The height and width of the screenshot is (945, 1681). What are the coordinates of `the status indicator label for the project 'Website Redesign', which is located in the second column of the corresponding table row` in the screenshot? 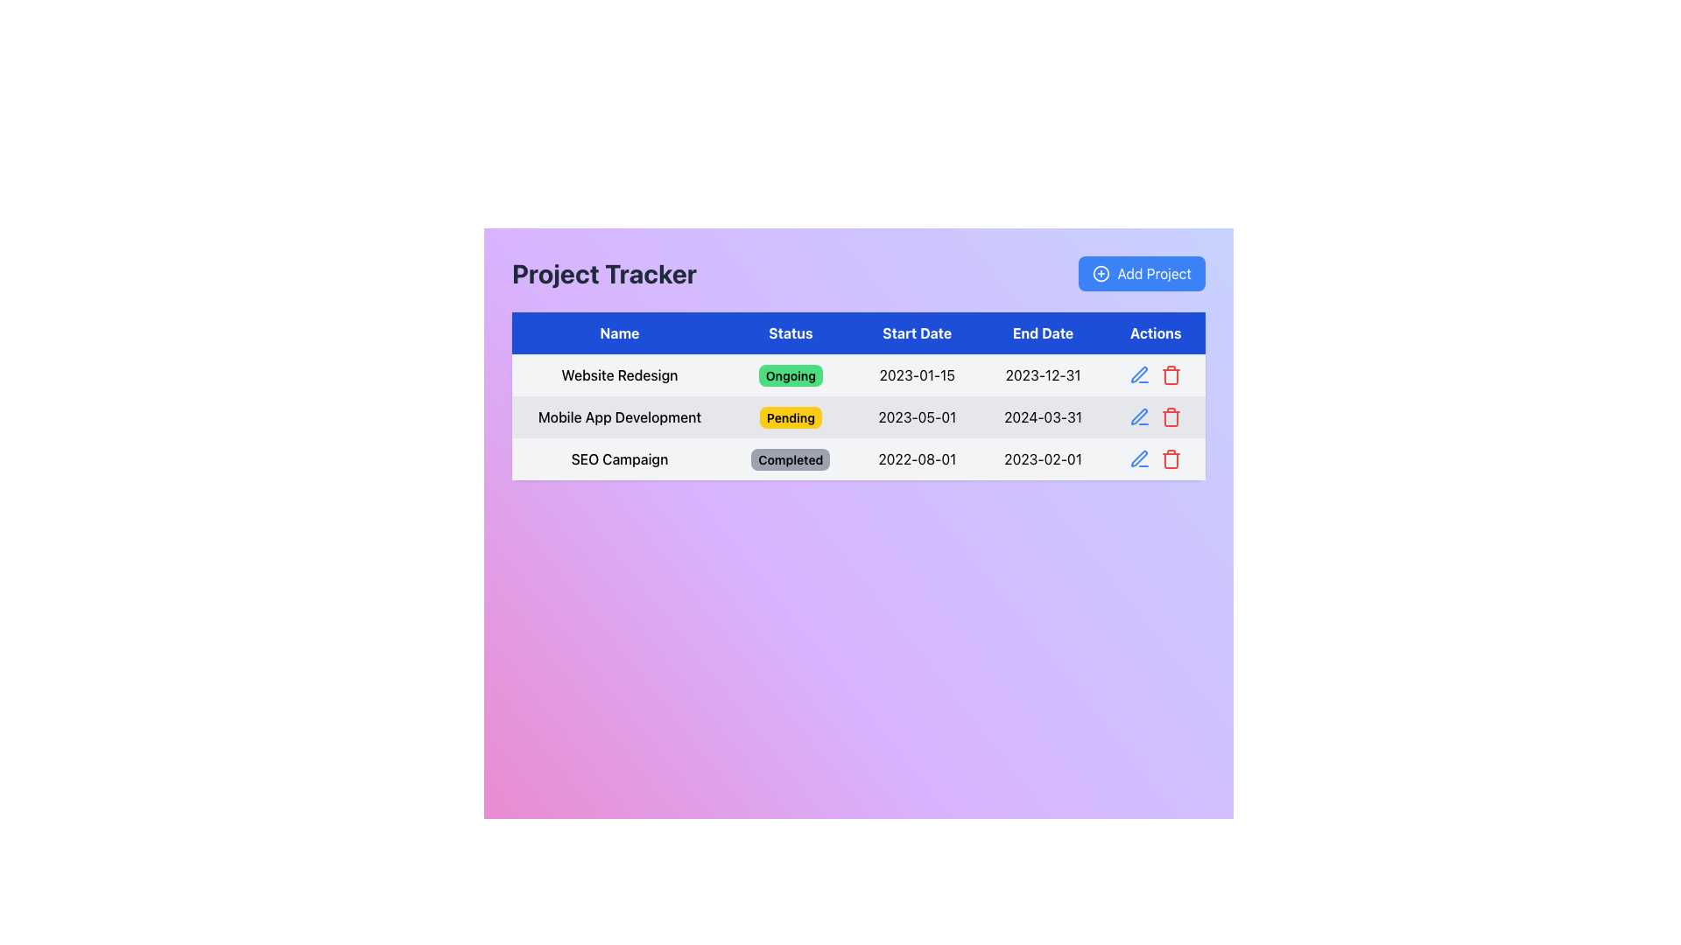 It's located at (790, 374).